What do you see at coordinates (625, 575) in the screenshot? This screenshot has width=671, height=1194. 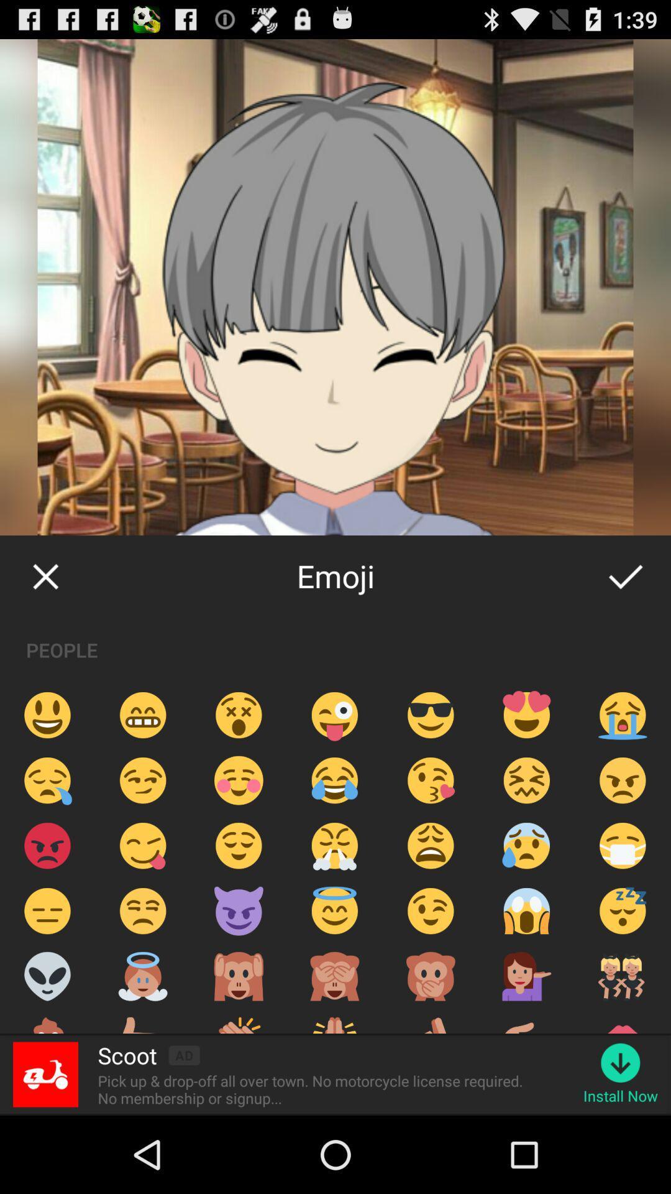 I see `icon above people` at bounding box center [625, 575].